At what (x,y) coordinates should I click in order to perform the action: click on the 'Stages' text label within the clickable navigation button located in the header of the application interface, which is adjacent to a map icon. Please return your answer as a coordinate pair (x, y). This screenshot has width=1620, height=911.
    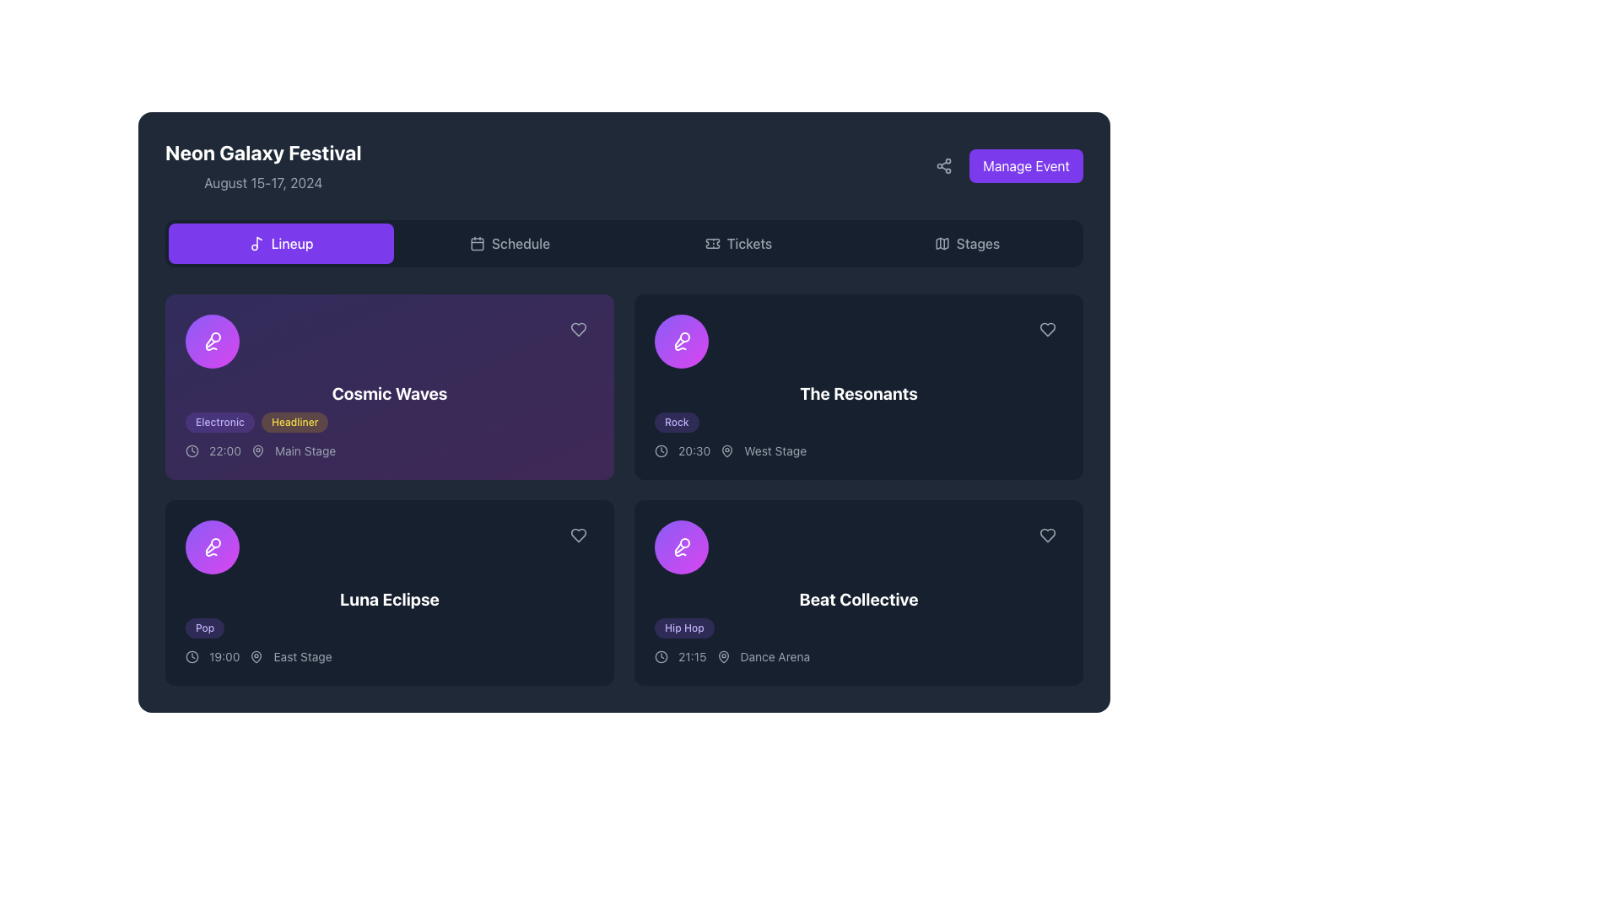
    Looking at the image, I should click on (978, 244).